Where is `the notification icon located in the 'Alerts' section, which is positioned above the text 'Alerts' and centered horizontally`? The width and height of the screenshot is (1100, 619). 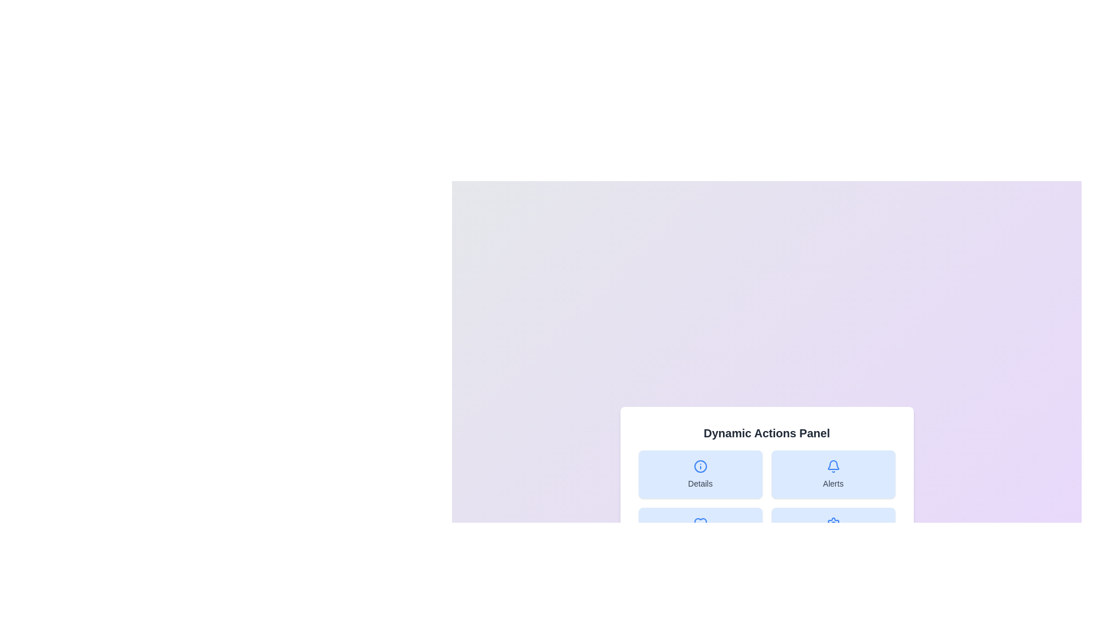 the notification icon located in the 'Alerts' section, which is positioned above the text 'Alerts' and centered horizontally is located at coordinates (833, 466).